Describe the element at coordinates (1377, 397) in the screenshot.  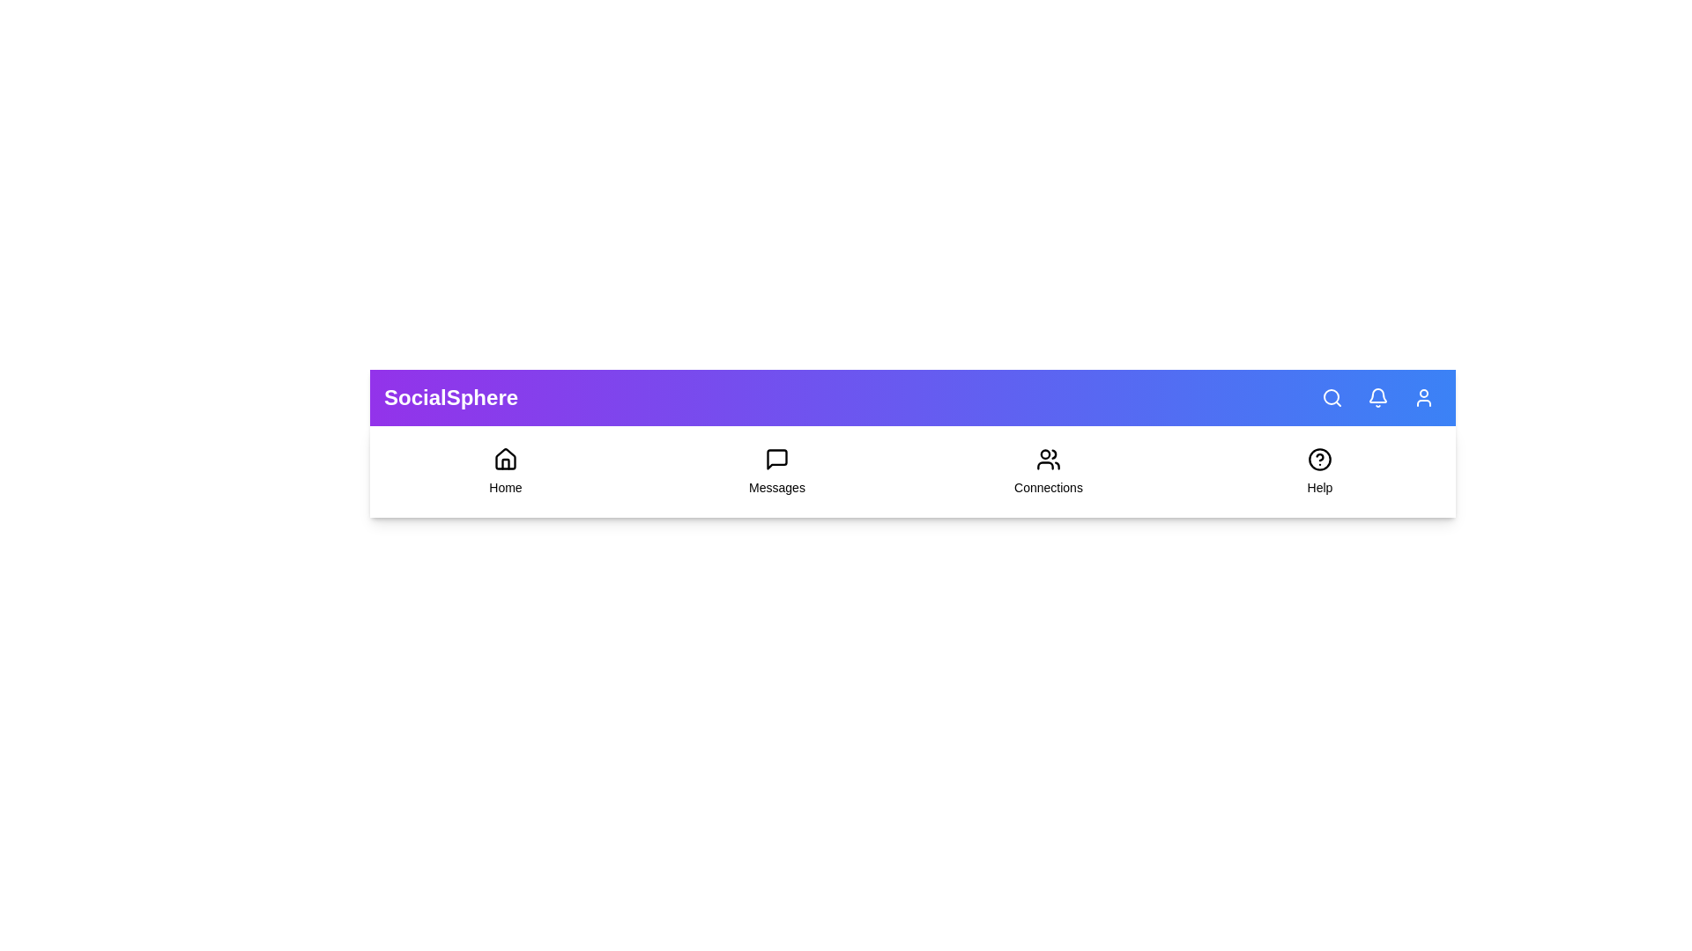
I see `the notifications button in the SocialAppBar` at that location.